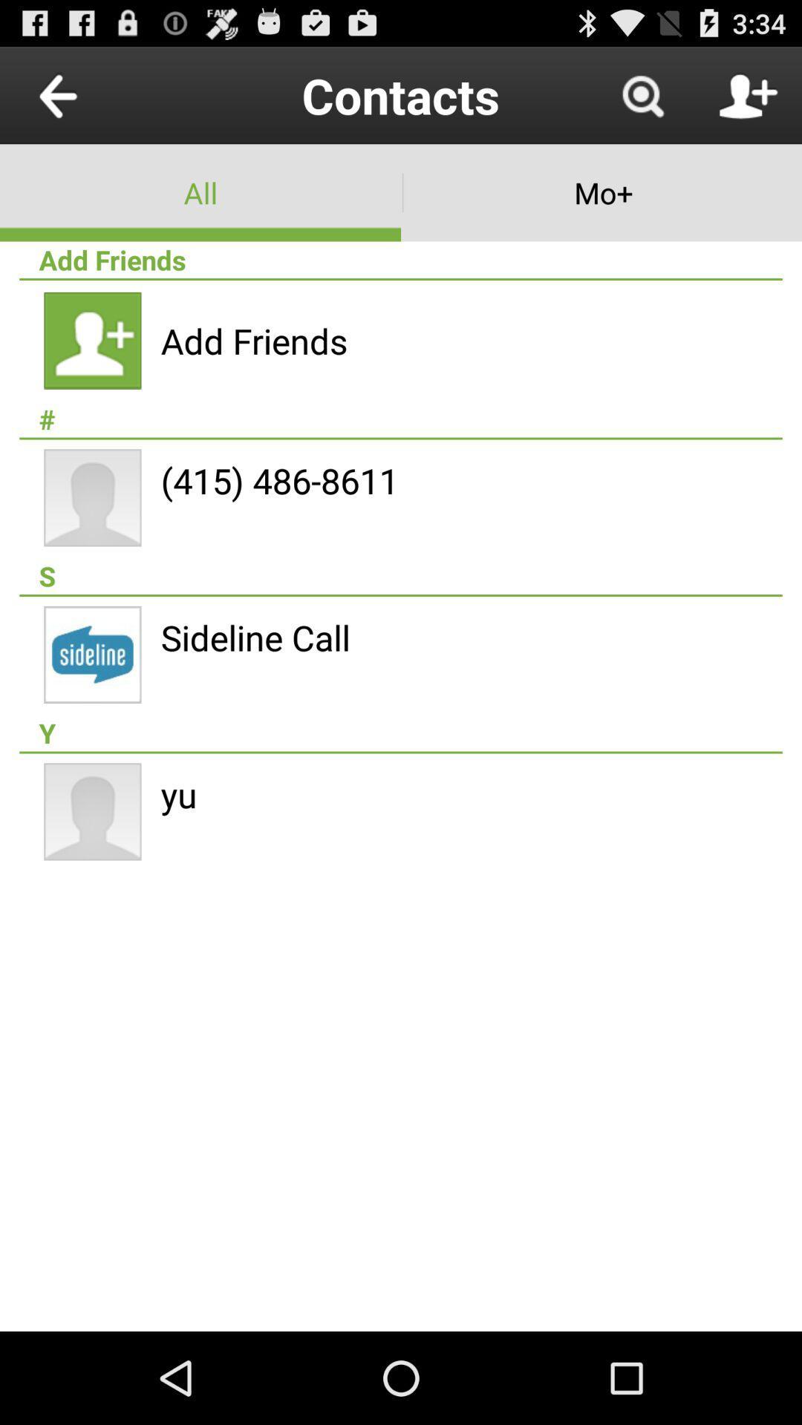 This screenshot has height=1425, width=802. I want to click on the item next to the contacts item, so click(642, 94).